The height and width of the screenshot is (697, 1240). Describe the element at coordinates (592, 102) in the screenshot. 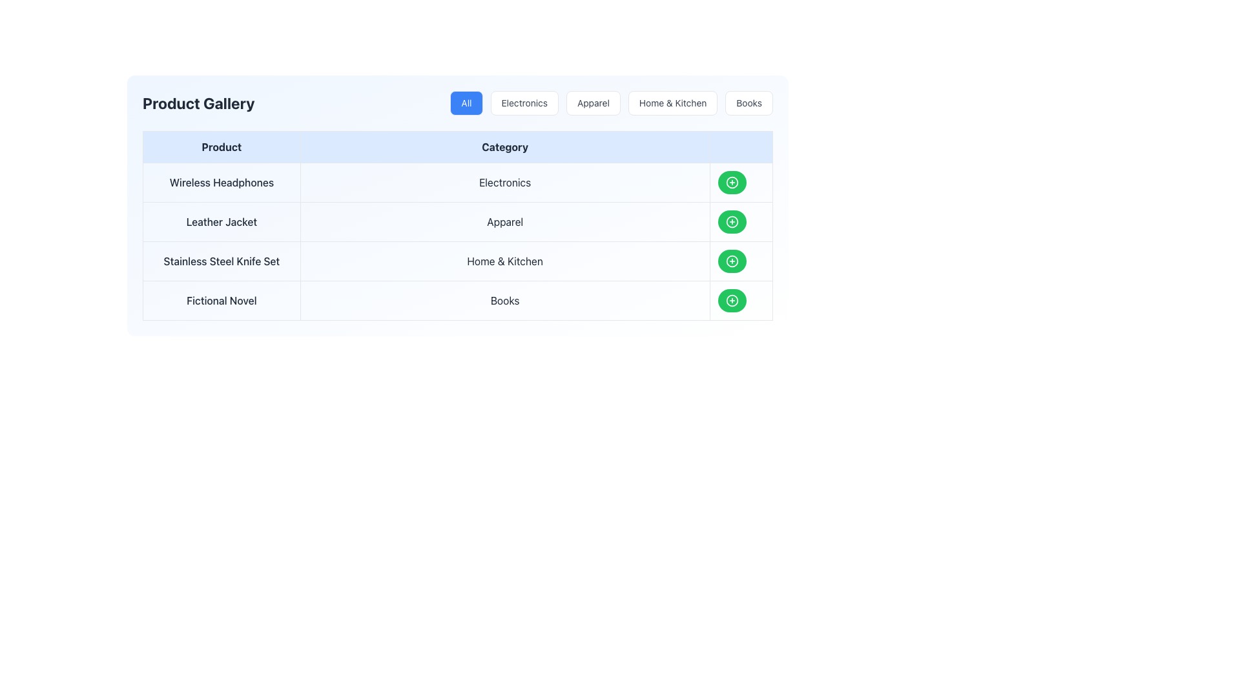

I see `the 'Apparel' button, which is a rectangular button with rounded corners, a white background, light gray border, and dark gray text, located in the third position of the navigation bar to filter products by 'Apparel'` at that location.